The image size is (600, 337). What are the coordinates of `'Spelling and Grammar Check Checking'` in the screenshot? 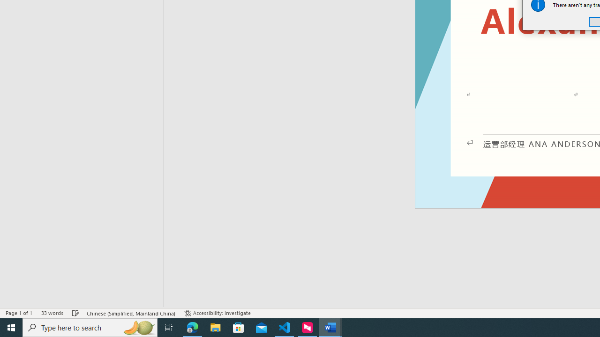 It's located at (75, 313).